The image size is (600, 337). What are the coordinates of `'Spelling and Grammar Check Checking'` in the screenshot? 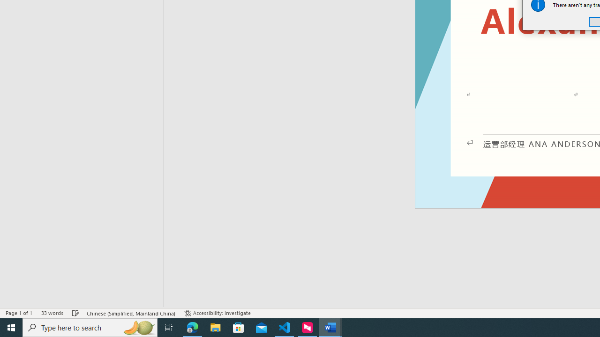 It's located at (75, 313).